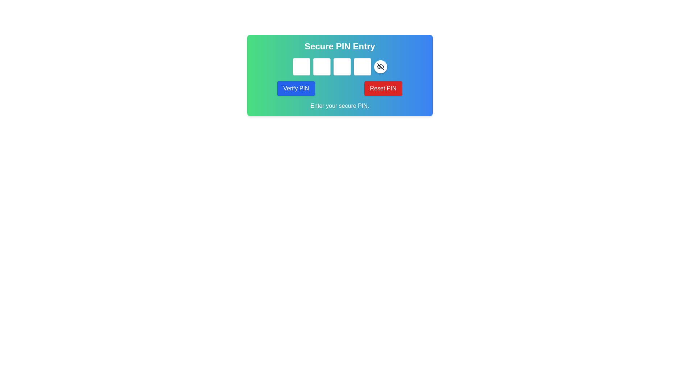  I want to click on the text label that instructs users to enter a secure PIN, located at the bottom center beneath the PIN input fields and buttons, so click(339, 106).